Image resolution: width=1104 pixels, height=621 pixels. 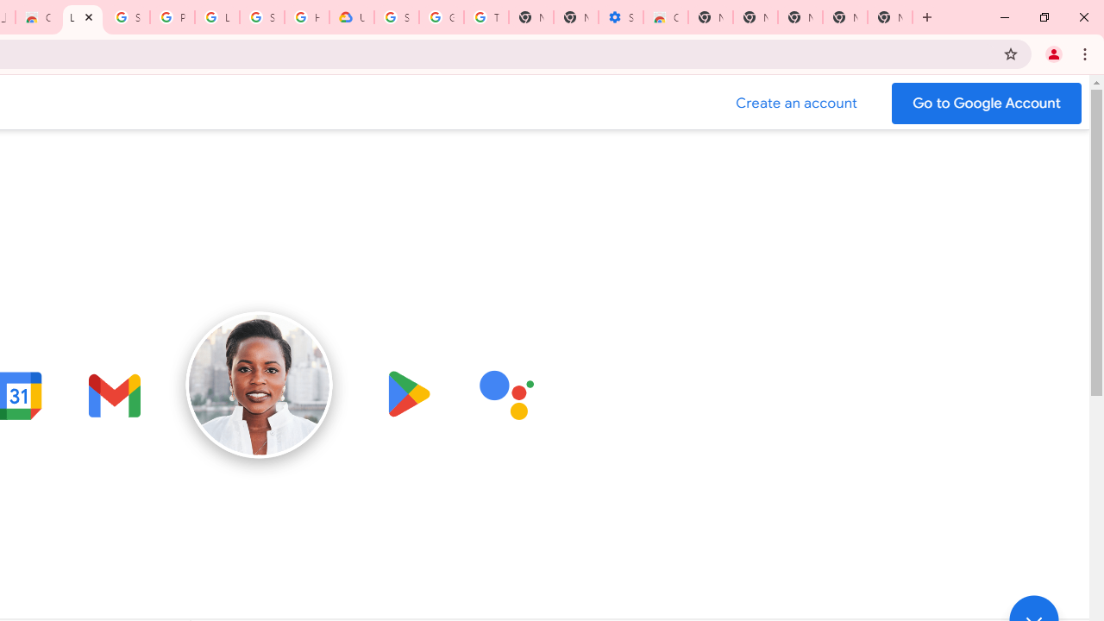 I want to click on 'Close', so click(x=88, y=16).